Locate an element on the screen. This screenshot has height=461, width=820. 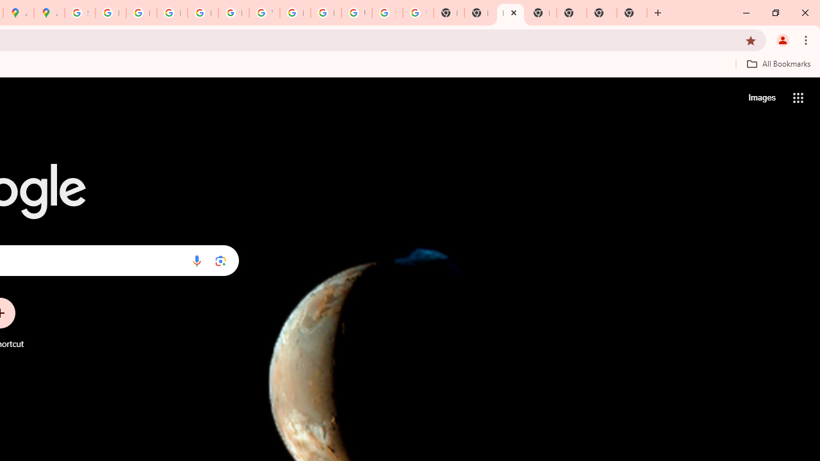
'YouTube' is located at coordinates (263, 13).